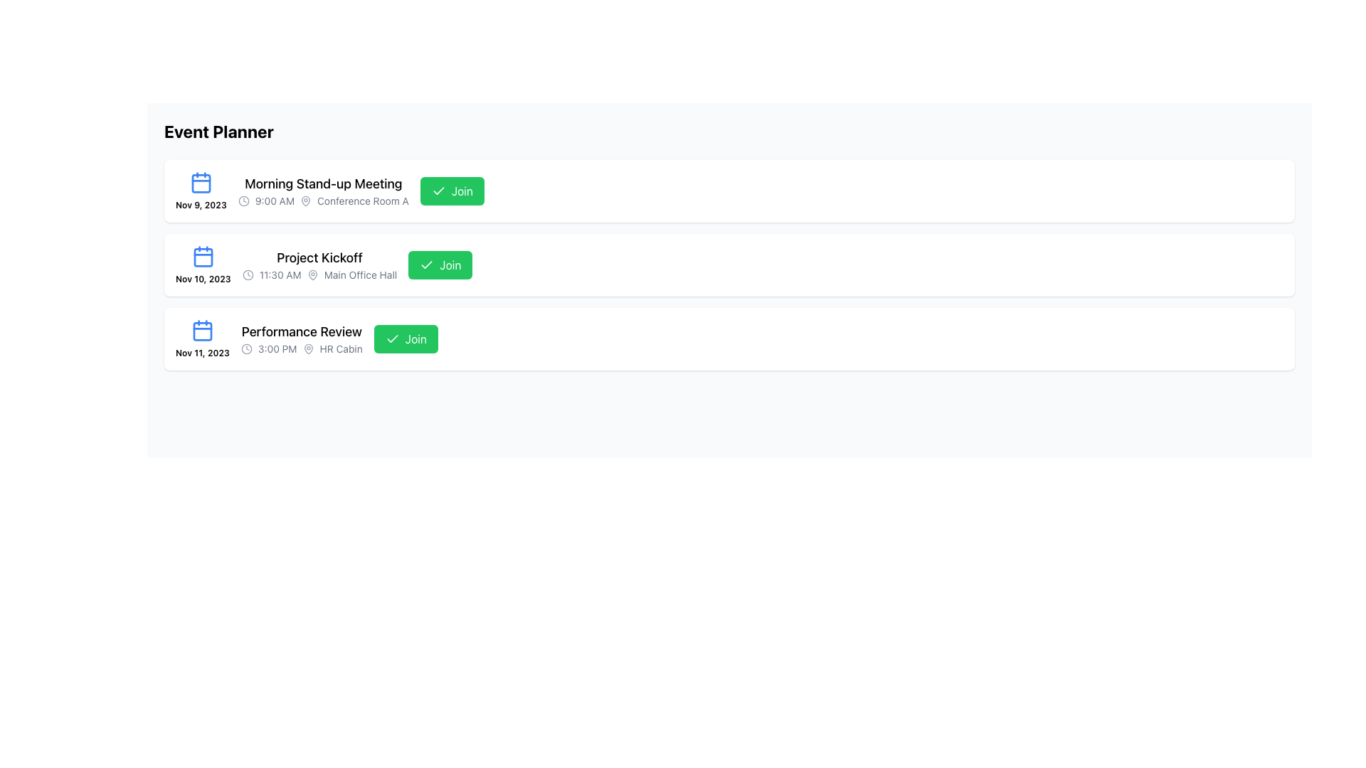  Describe the element at coordinates (248, 274) in the screenshot. I see `the small, rounded clock icon with a hollow center and outlined styling, rendered in gray, located to the left of the '11:30 AM' text in the second list item for the event 'Project Kickoff'` at that location.